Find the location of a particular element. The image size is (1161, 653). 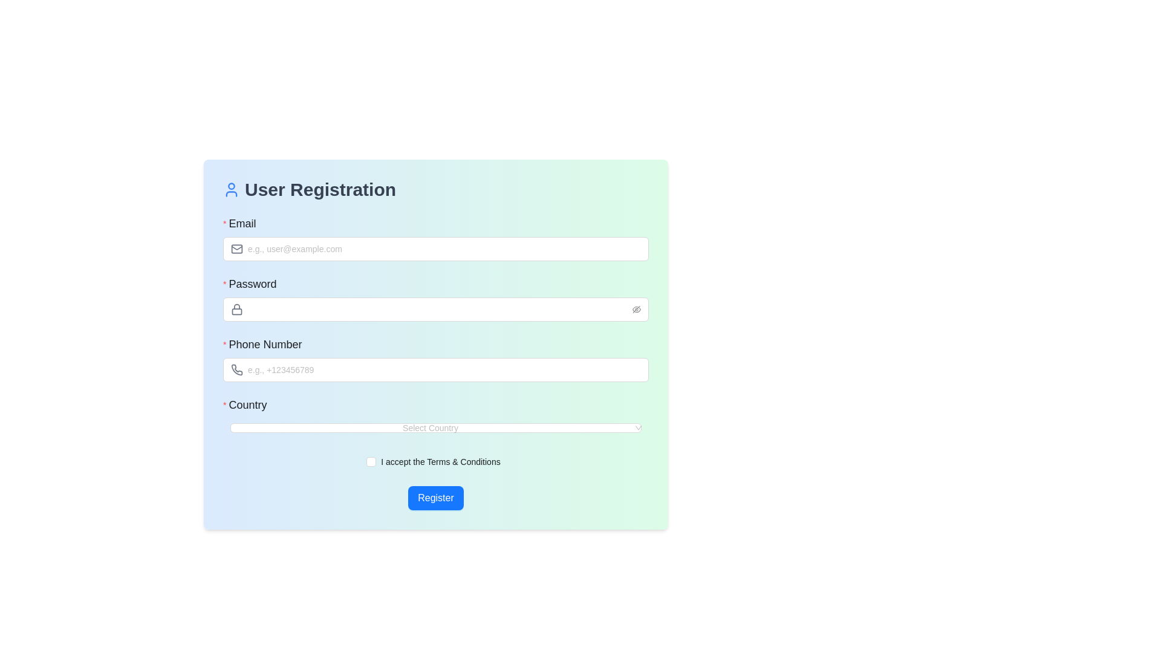

the eye icon with a slash through it located at the right end of the 'Password' input field is located at coordinates (636, 308).